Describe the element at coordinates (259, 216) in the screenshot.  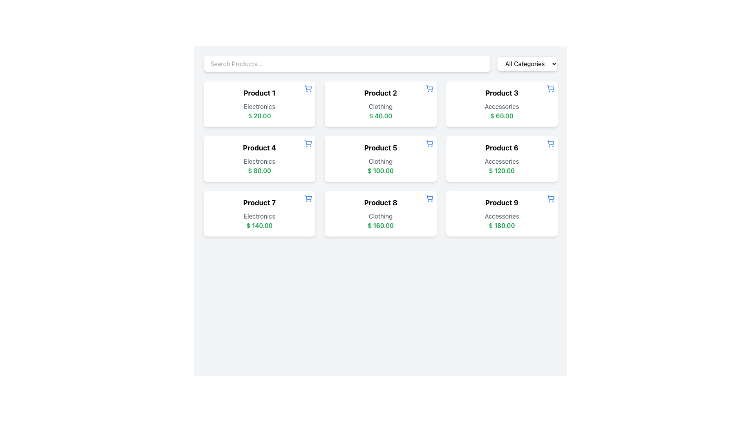
I see `the 'Electronics' category label text located in the card for the seventh product in the grid layout, positioned below the title 'Product 7' and above the price field` at that location.